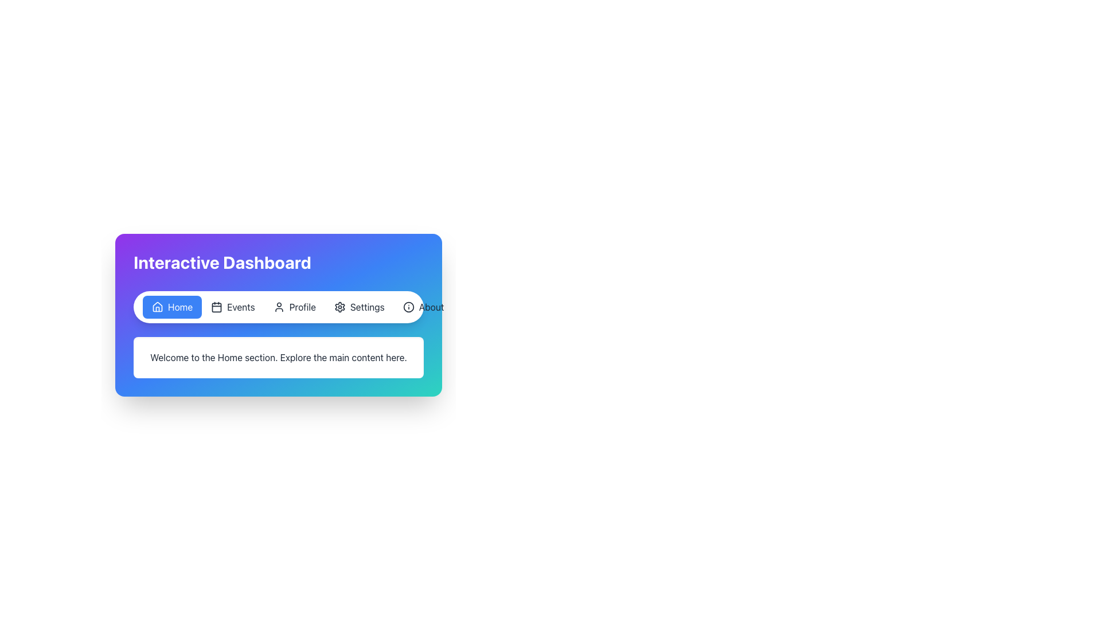  I want to click on the bold-styled text element displaying 'Interactive Dashboard' located at the top-left corner of the interface, so click(222, 263).